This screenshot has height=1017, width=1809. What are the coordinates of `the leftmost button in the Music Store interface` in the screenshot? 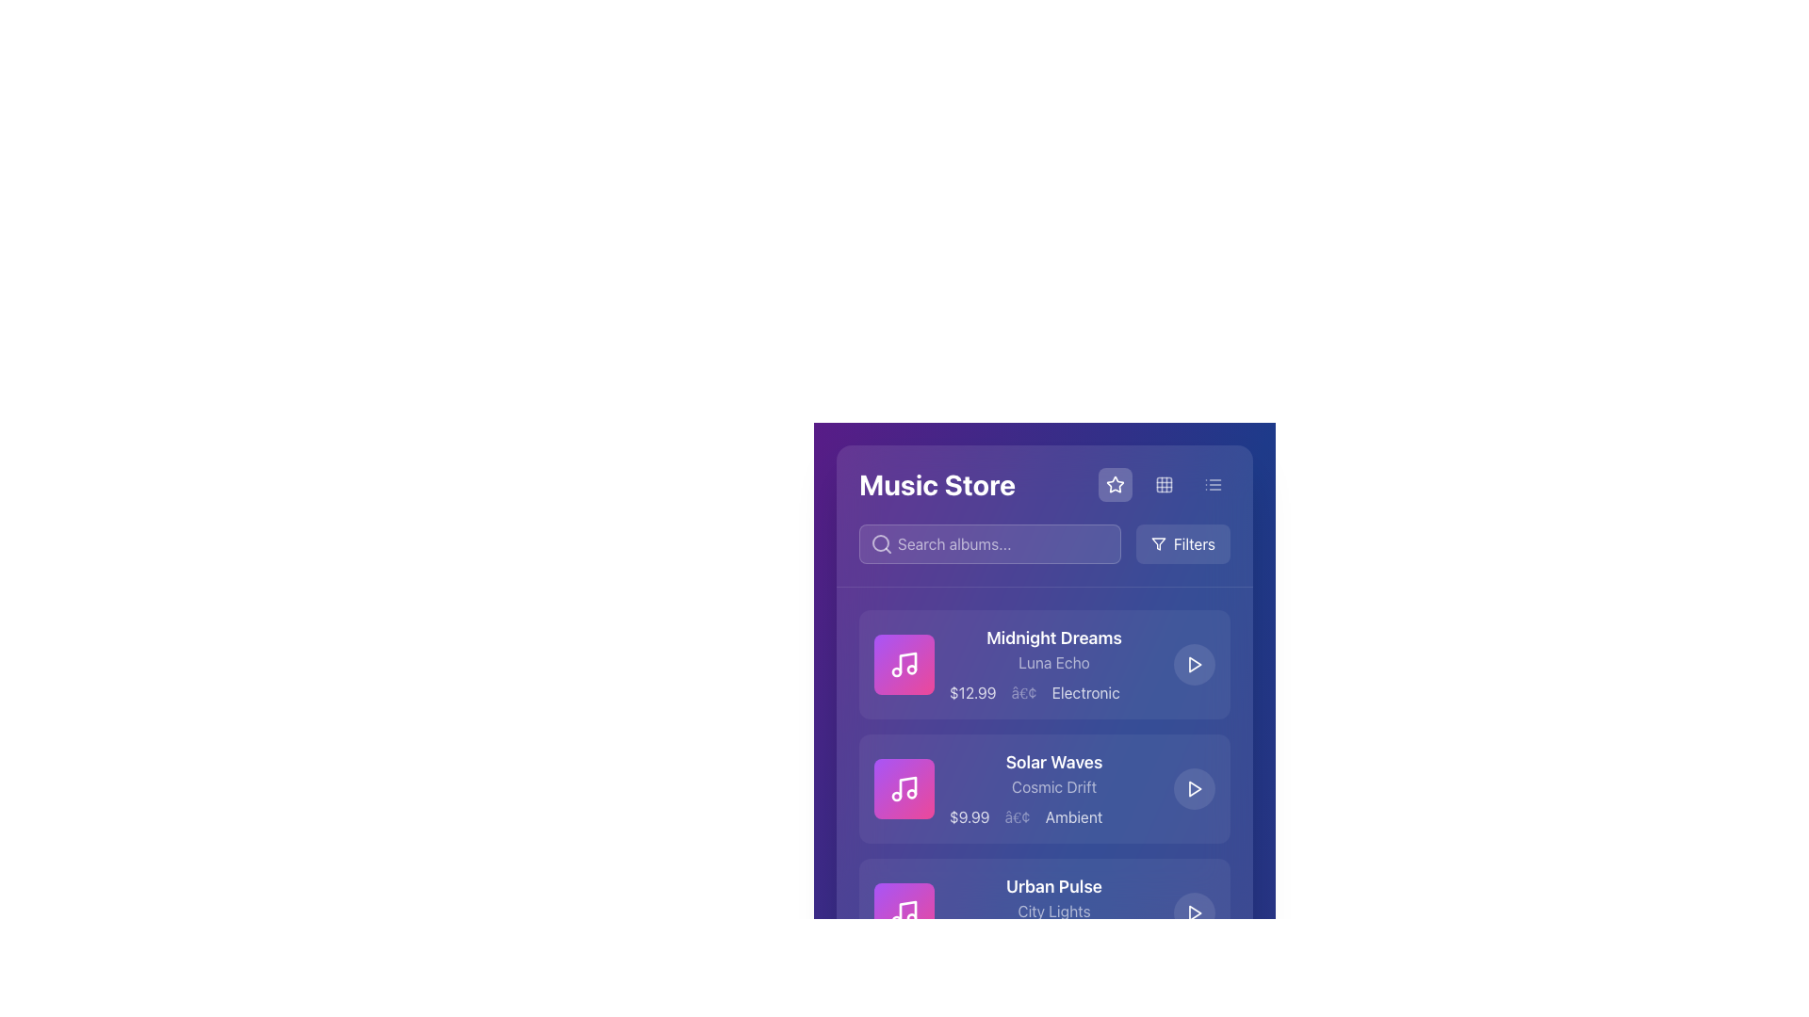 It's located at (1116, 484).